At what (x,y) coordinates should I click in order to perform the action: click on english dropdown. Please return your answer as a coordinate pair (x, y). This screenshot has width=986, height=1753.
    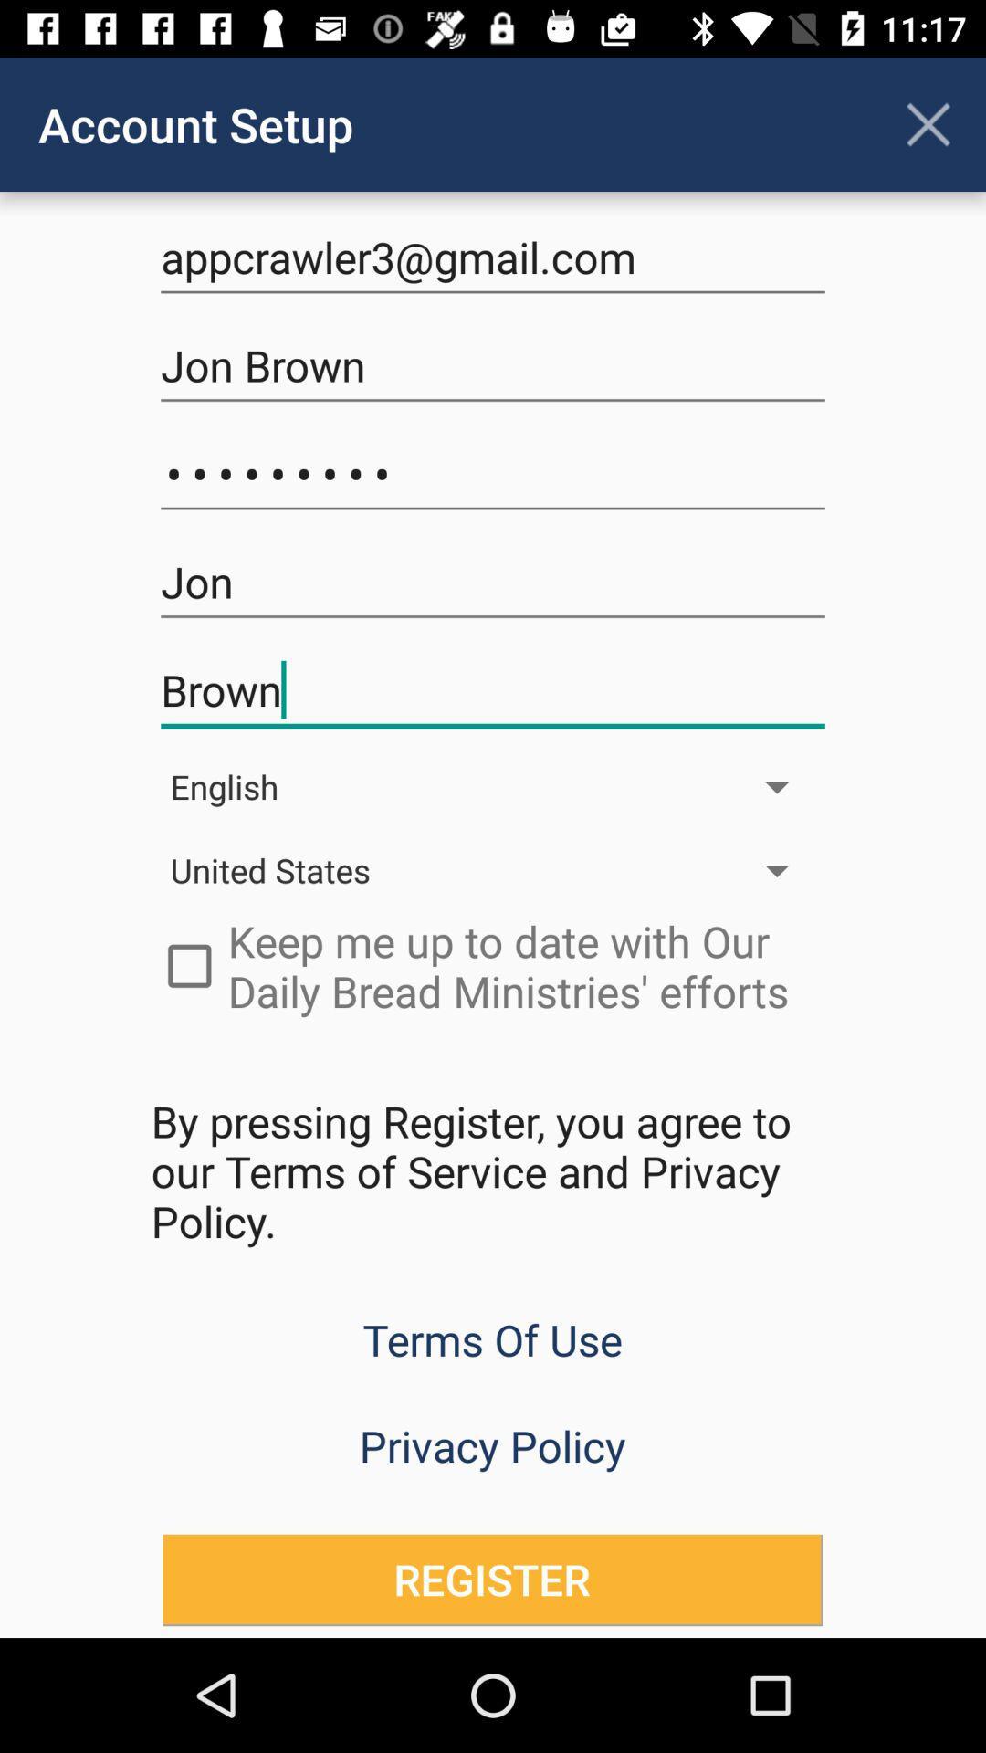
    Looking at the image, I should click on (493, 787).